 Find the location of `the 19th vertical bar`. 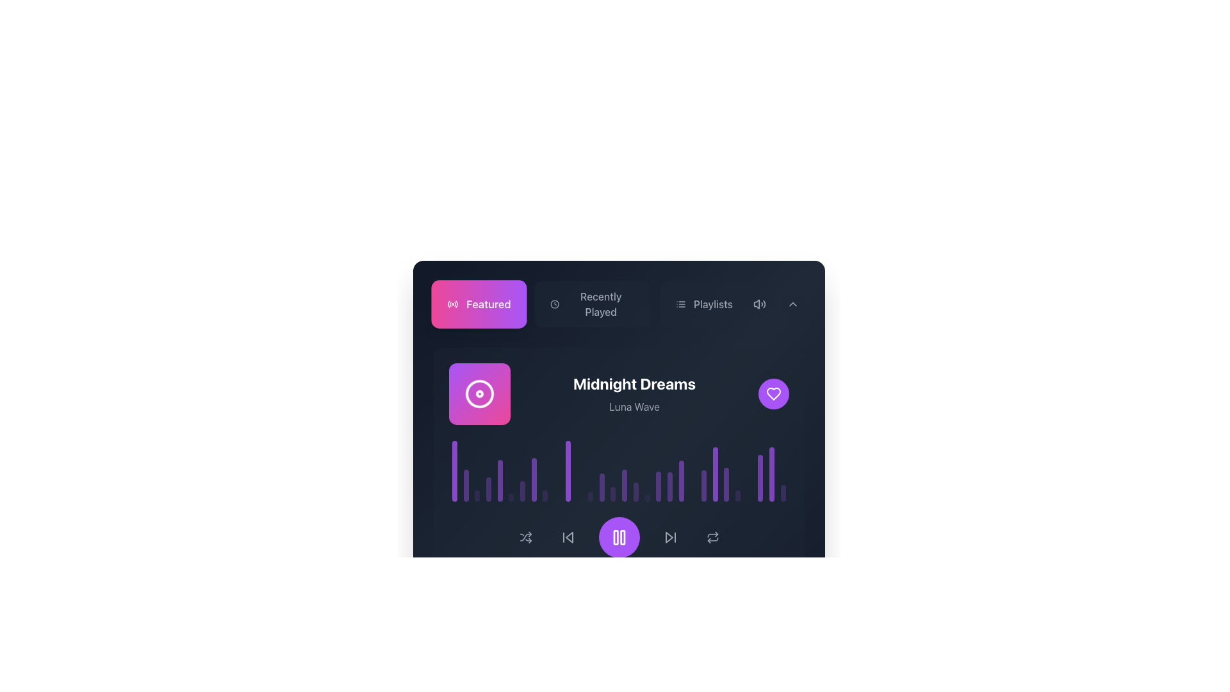

the 19th vertical bar is located at coordinates (669, 487).